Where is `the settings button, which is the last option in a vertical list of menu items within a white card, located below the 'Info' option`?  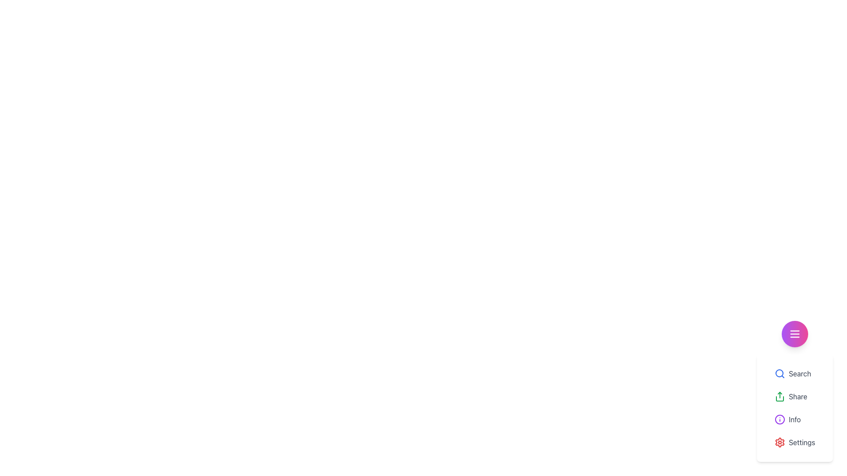 the settings button, which is the last option in a vertical list of menu items within a white card, located below the 'Info' option is located at coordinates (795, 442).